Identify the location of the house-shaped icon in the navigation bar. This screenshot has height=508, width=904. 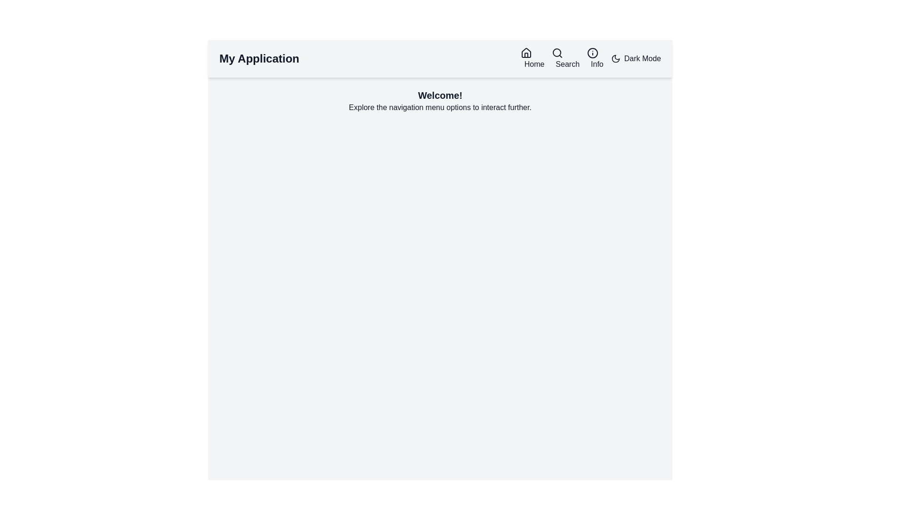
(525, 53).